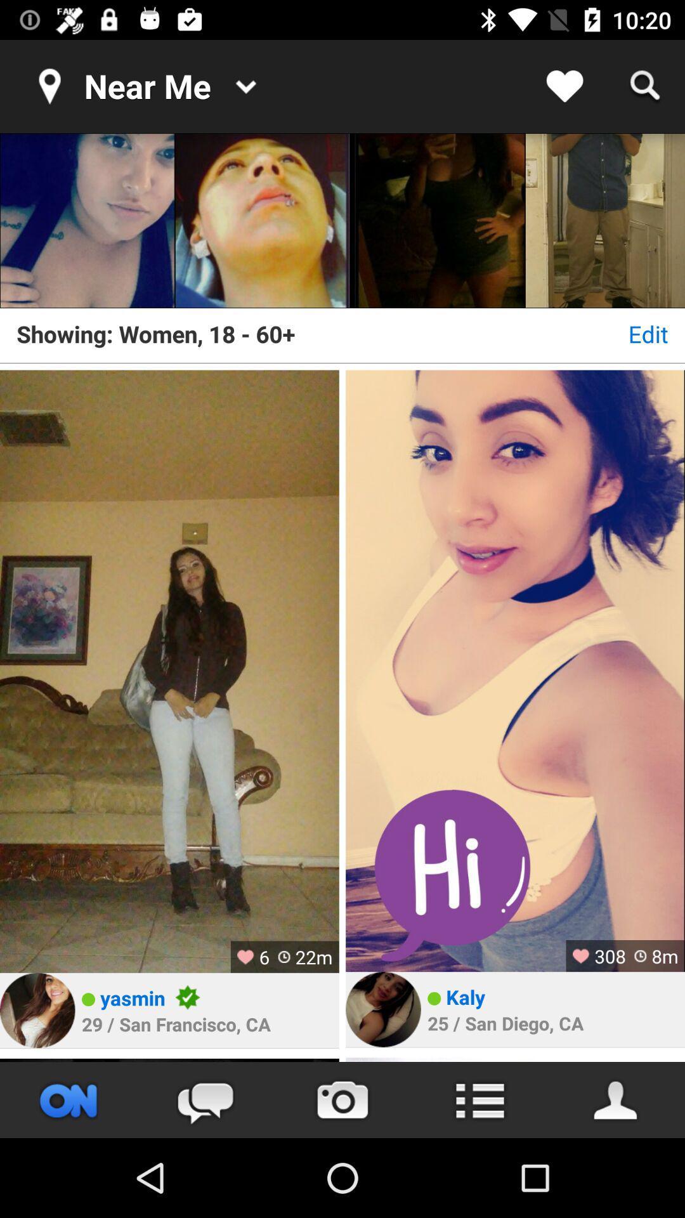 This screenshot has height=1218, width=685. Describe the element at coordinates (261, 220) in the screenshot. I see `click image to show profile` at that location.